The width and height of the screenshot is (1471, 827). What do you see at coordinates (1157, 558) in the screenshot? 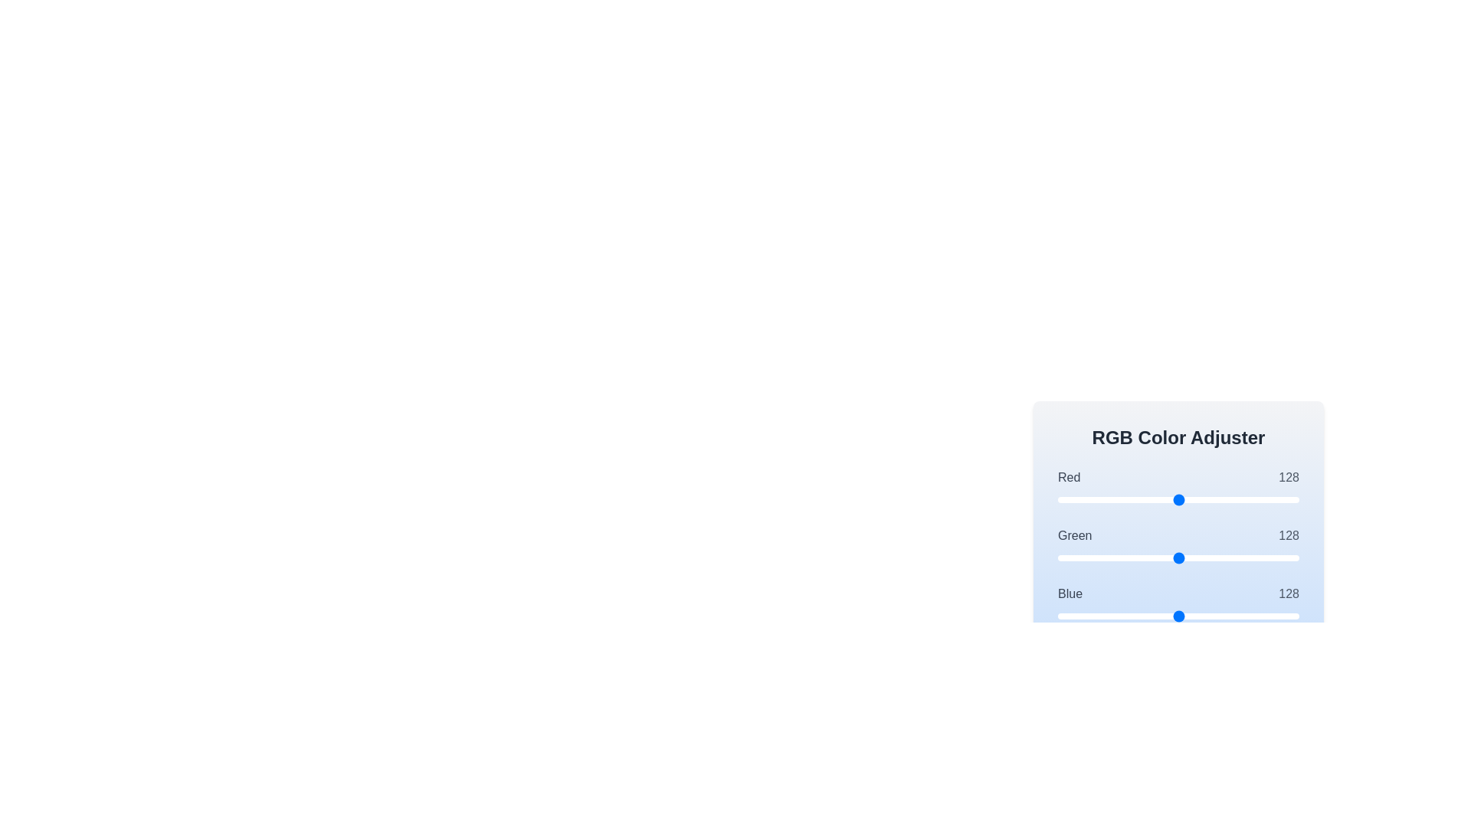
I see `the green slider to 105 where value is between 0 and 255` at bounding box center [1157, 558].